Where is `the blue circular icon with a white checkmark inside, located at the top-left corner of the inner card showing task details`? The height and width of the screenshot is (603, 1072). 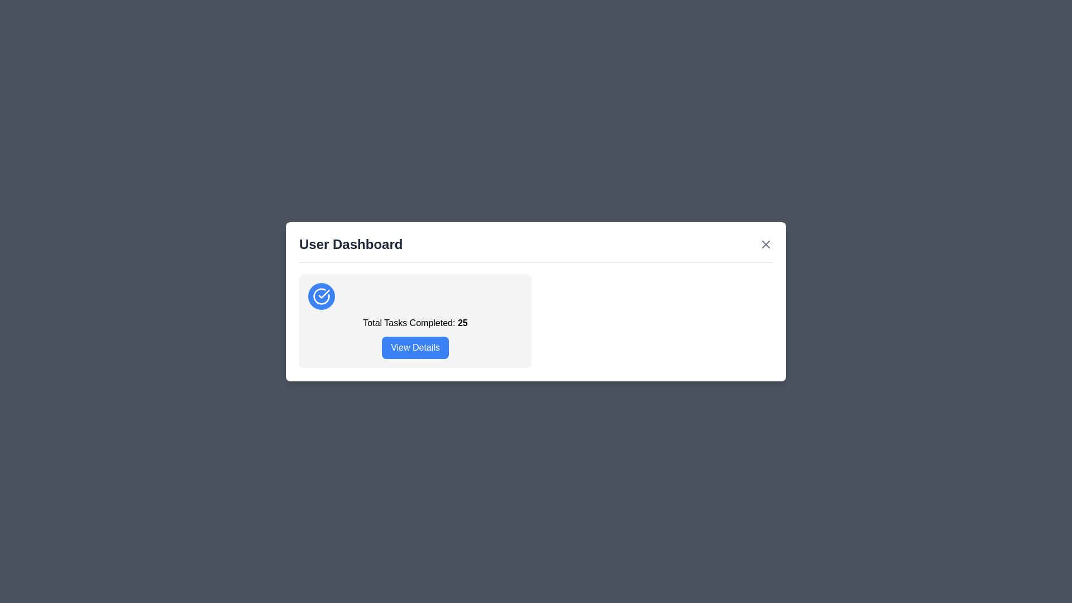 the blue circular icon with a white checkmark inside, located at the top-left corner of the inner card showing task details is located at coordinates (321, 295).